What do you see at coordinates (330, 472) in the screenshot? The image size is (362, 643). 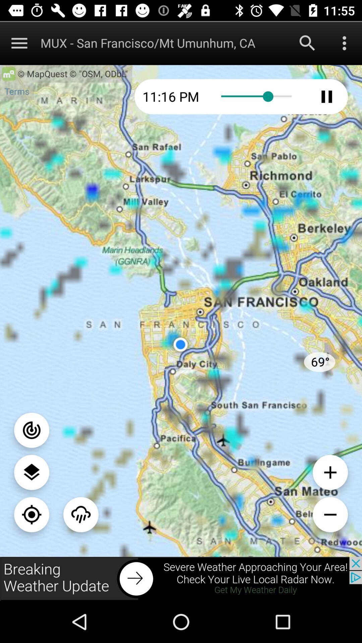 I see `zoom the image` at bounding box center [330, 472].